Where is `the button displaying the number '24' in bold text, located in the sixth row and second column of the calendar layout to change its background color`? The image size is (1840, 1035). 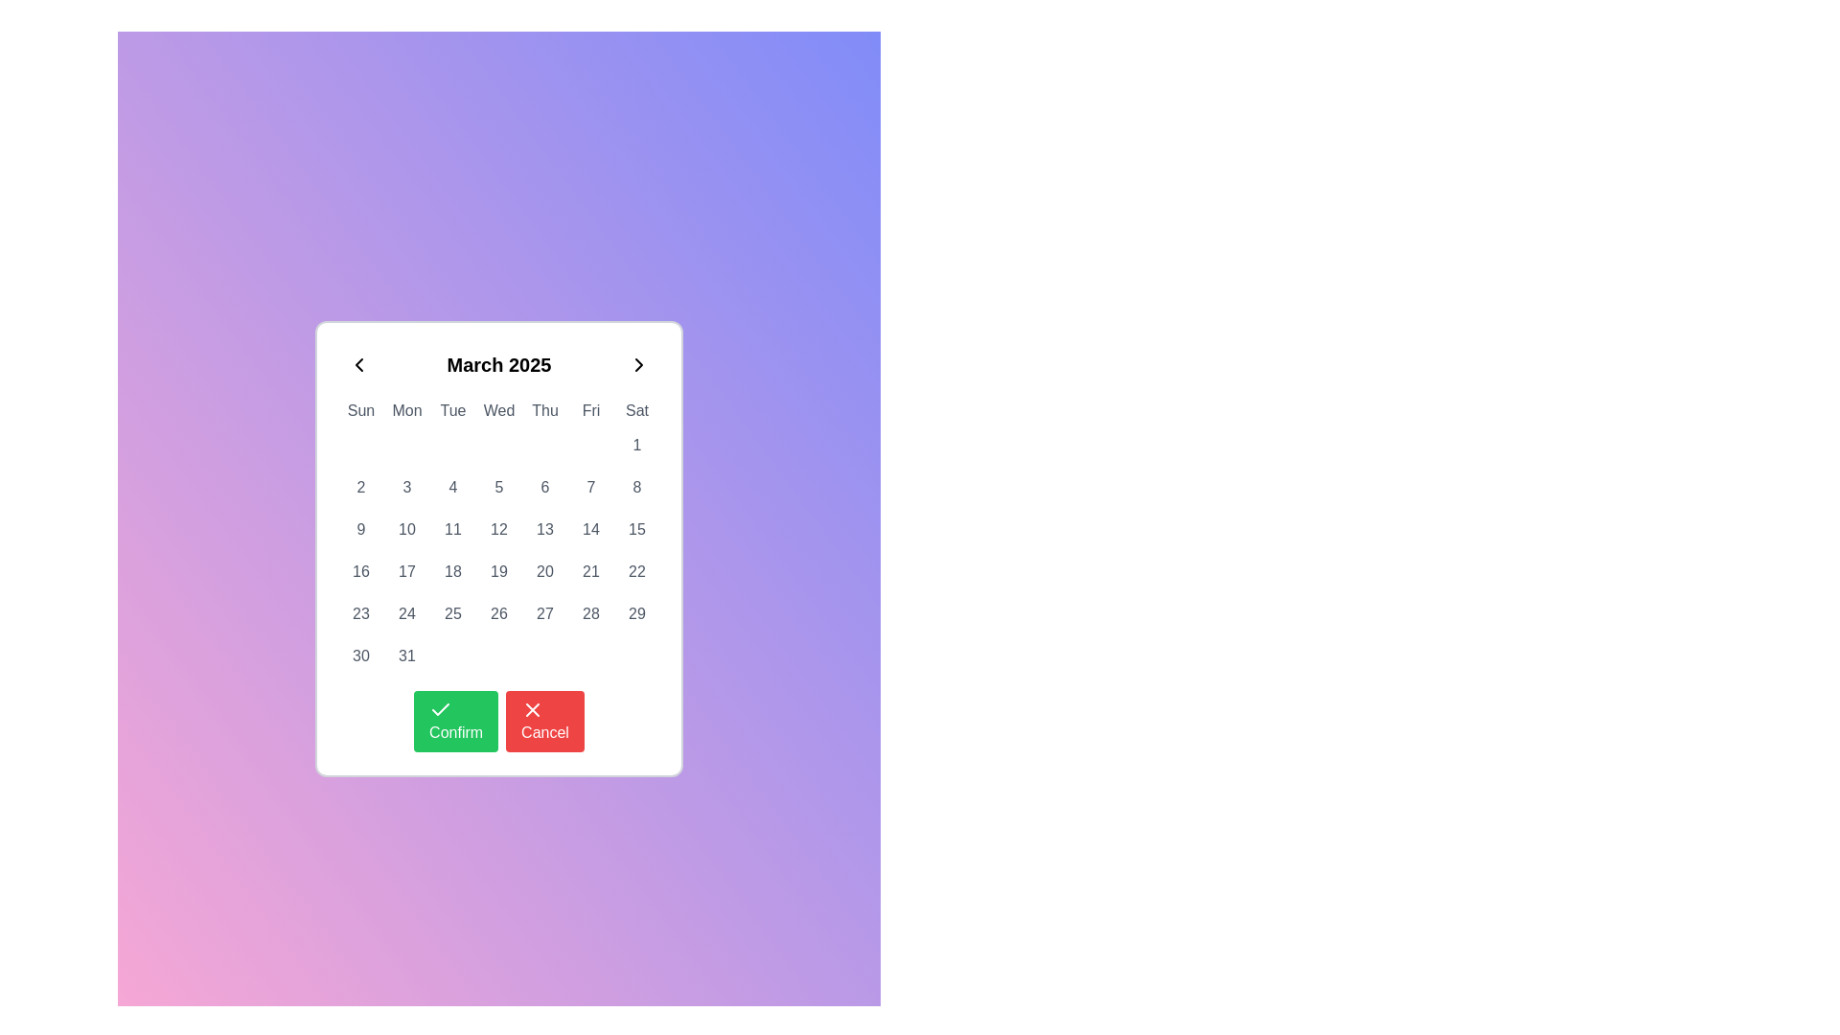 the button displaying the number '24' in bold text, located in the sixth row and second column of the calendar layout to change its background color is located at coordinates (406, 613).